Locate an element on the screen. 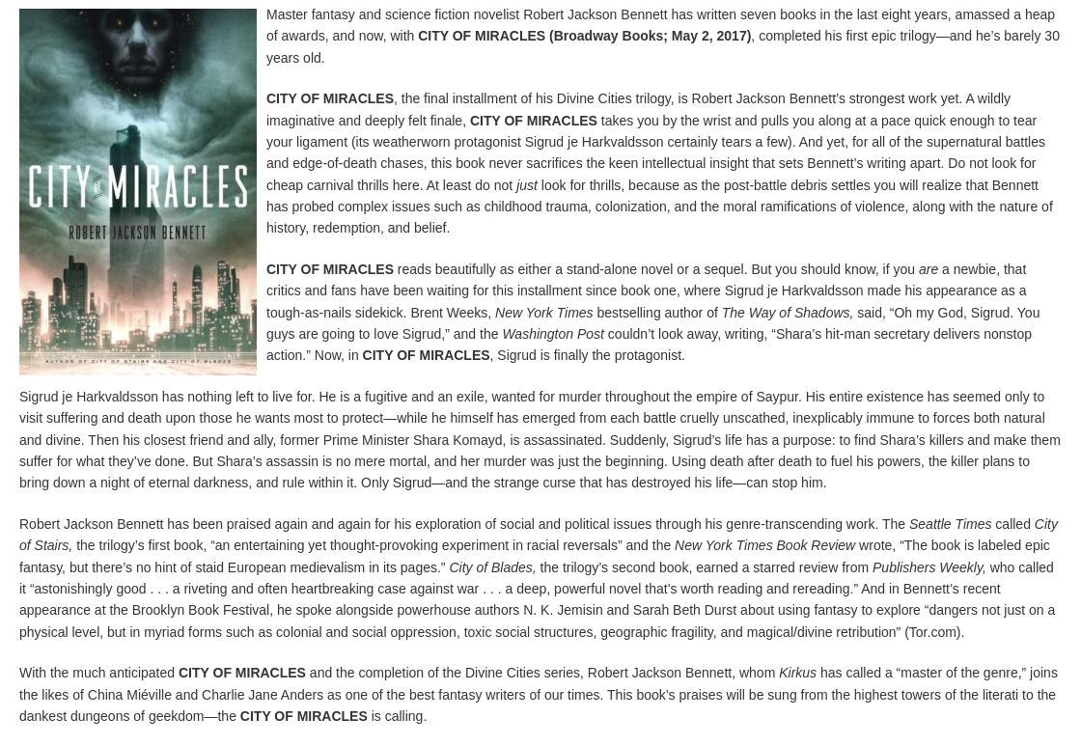 This screenshot has height=746, width=1081. ', completed his first epic trilogy—and he’s barely 30 years old.' is located at coordinates (662, 45).